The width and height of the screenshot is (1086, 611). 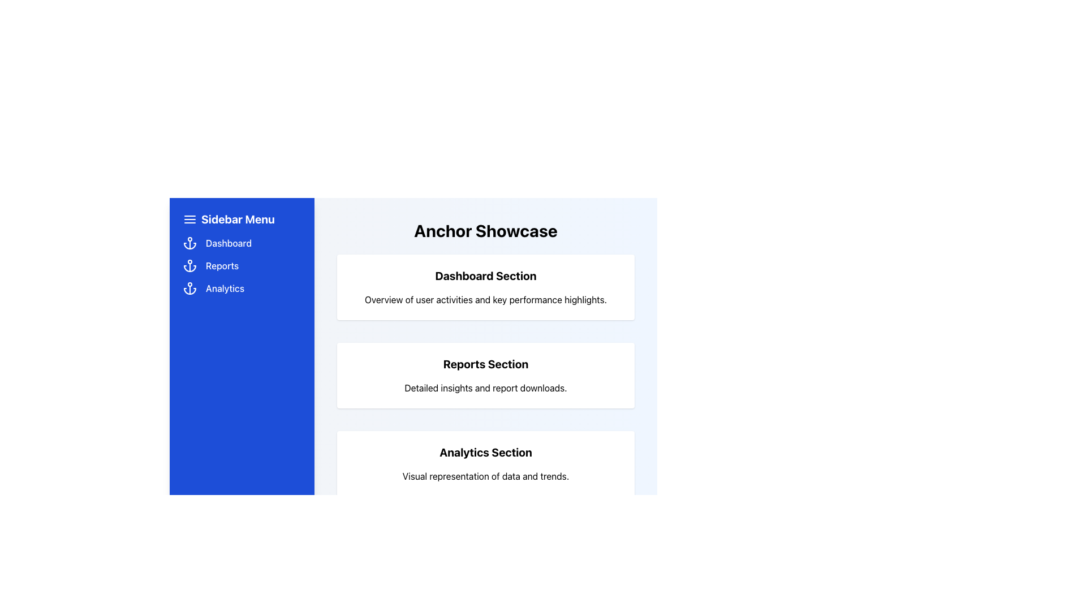 What do you see at coordinates (190, 266) in the screenshot?
I see `the decorative anchor icon in the sidebar menu, which is the second icon aligned with the 'Reports' text` at bounding box center [190, 266].